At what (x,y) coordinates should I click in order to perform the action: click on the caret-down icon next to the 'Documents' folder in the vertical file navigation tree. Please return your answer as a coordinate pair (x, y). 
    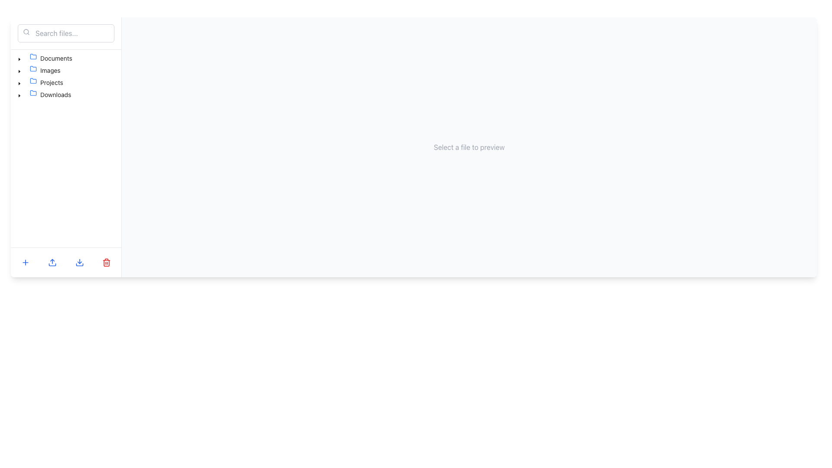
    Looking at the image, I should click on (19, 59).